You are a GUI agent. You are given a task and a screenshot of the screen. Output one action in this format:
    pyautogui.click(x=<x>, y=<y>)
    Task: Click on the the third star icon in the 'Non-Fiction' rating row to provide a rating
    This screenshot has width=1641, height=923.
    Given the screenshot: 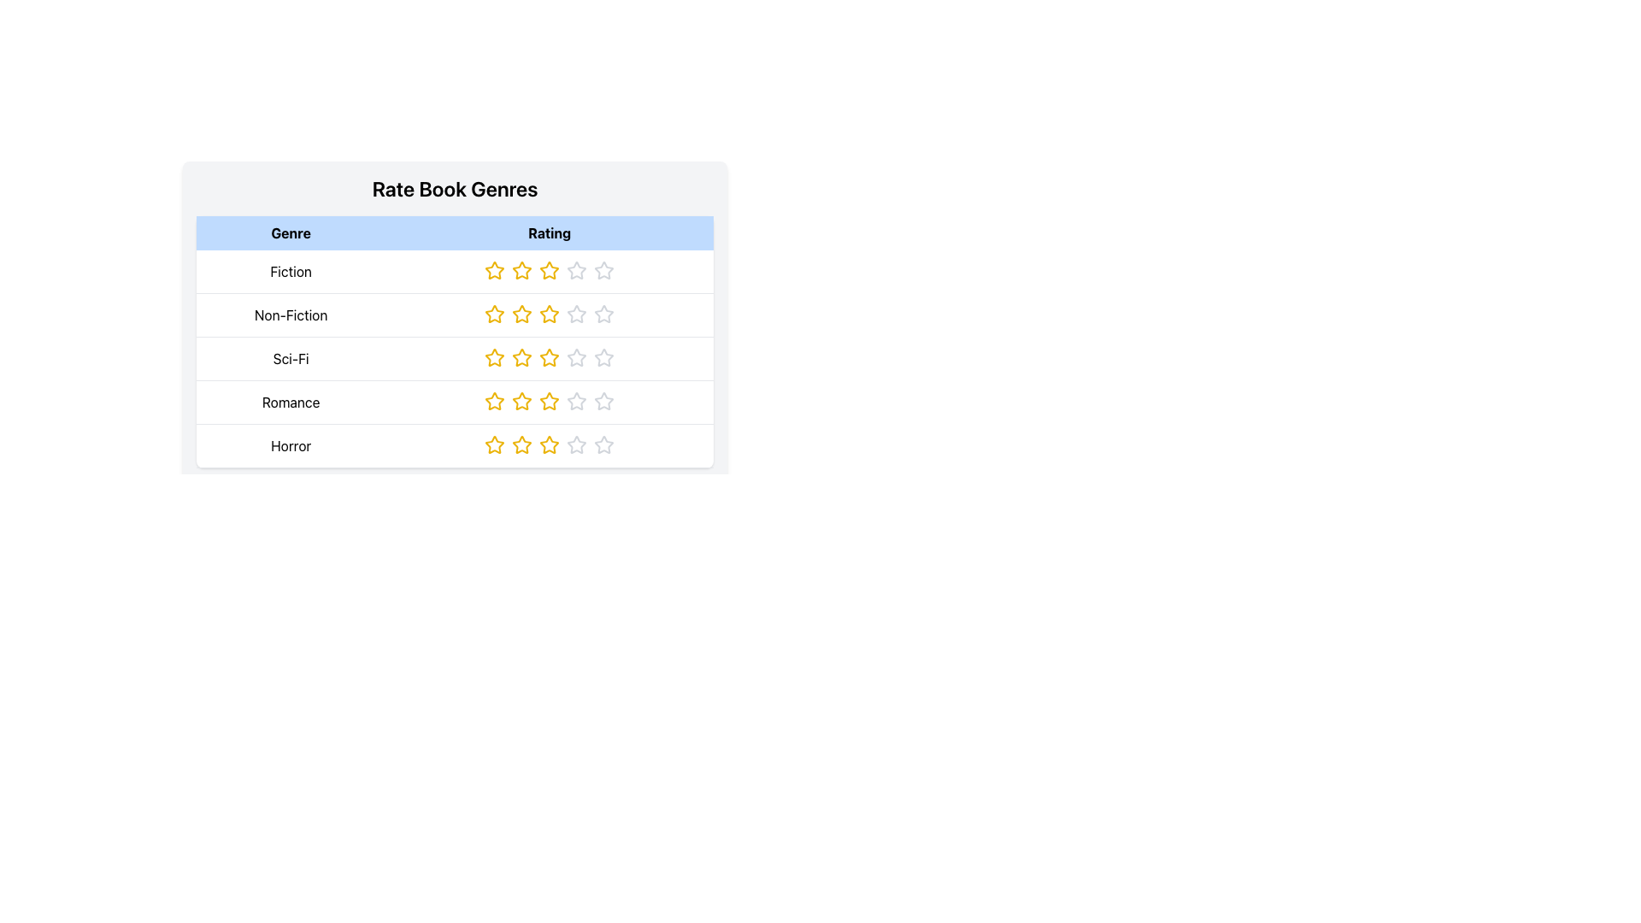 What is the action you would take?
    pyautogui.click(x=604, y=314)
    